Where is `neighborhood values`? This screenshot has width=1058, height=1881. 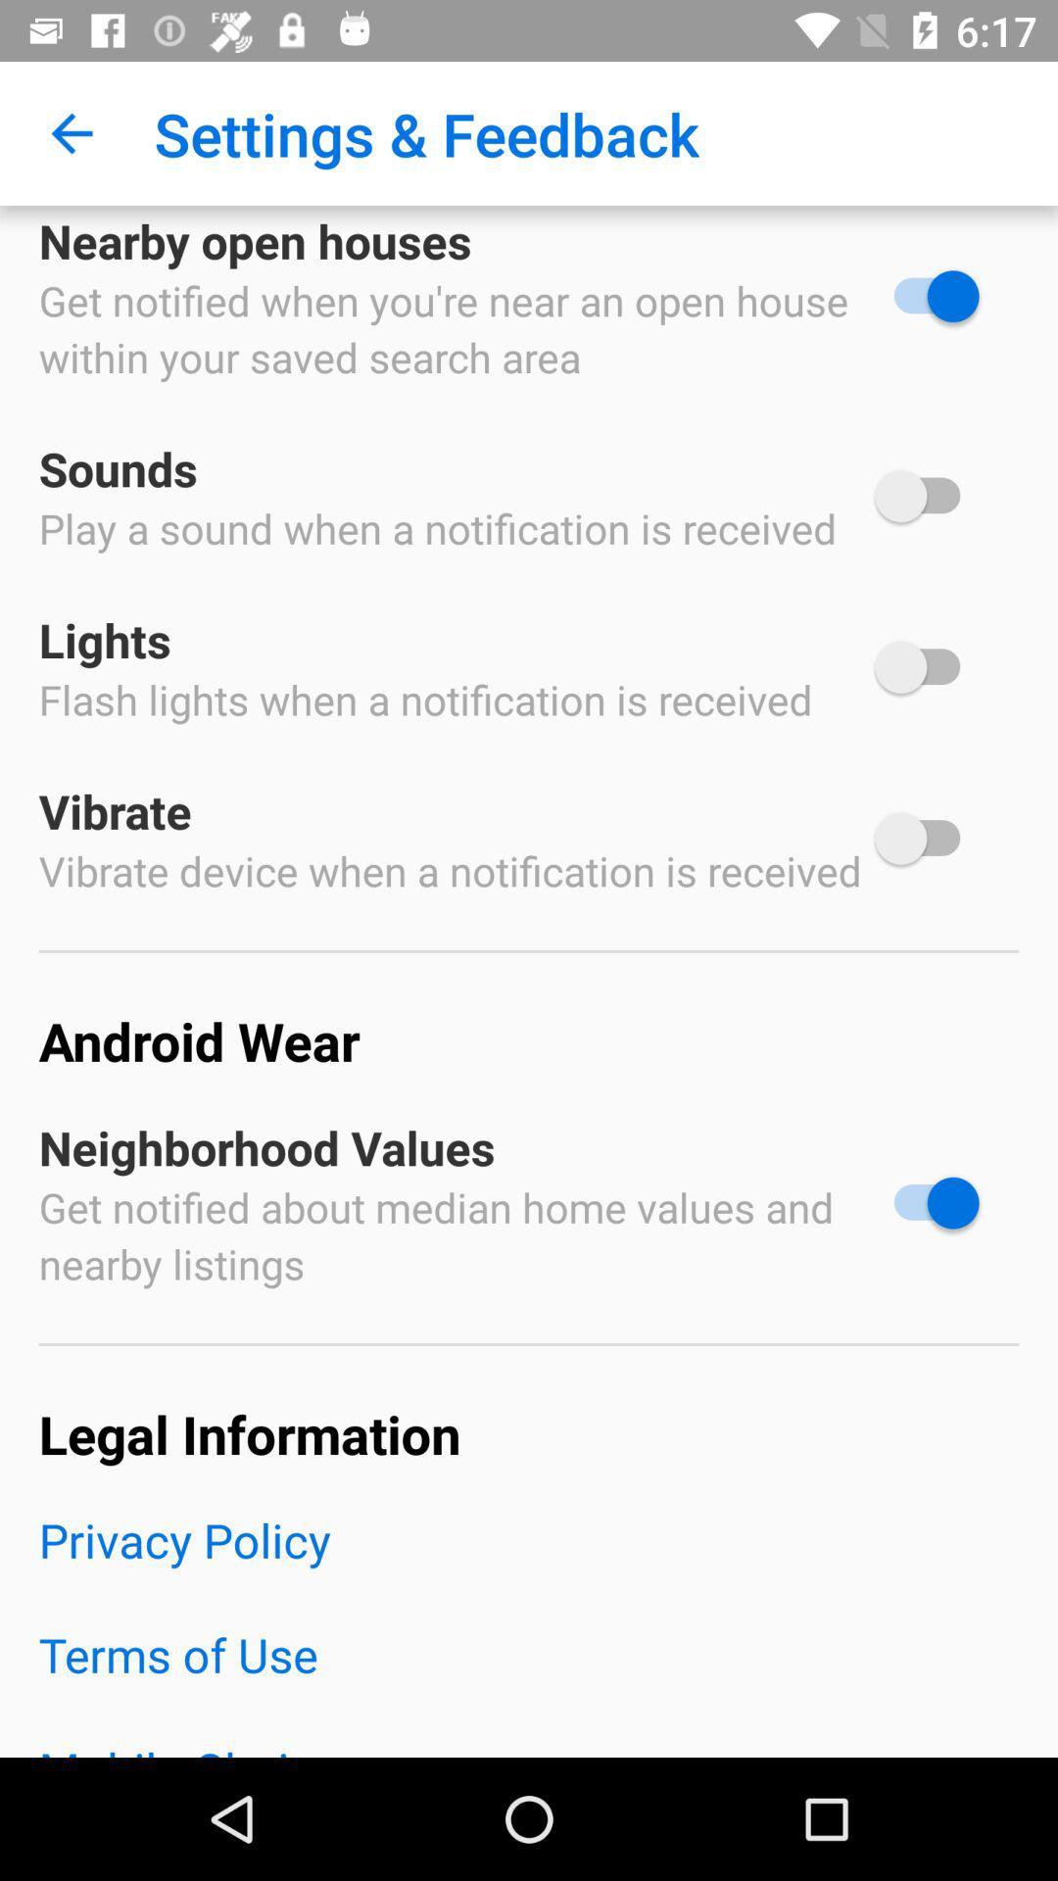 neighborhood values is located at coordinates (926, 1202).